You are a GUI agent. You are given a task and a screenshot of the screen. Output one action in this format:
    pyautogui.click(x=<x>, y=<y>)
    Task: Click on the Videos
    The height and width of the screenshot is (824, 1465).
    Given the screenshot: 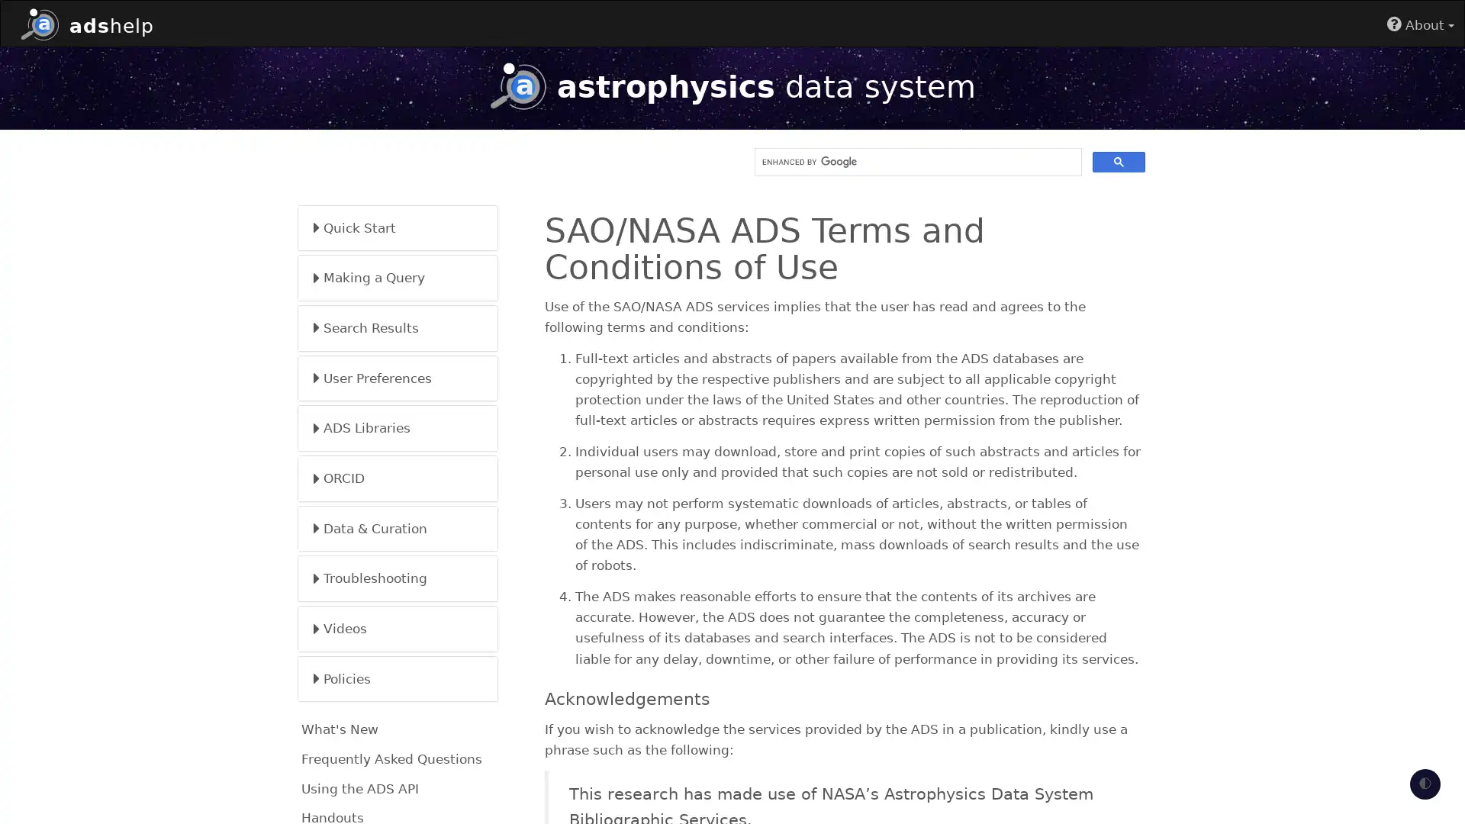 What is the action you would take?
    pyautogui.click(x=398, y=629)
    